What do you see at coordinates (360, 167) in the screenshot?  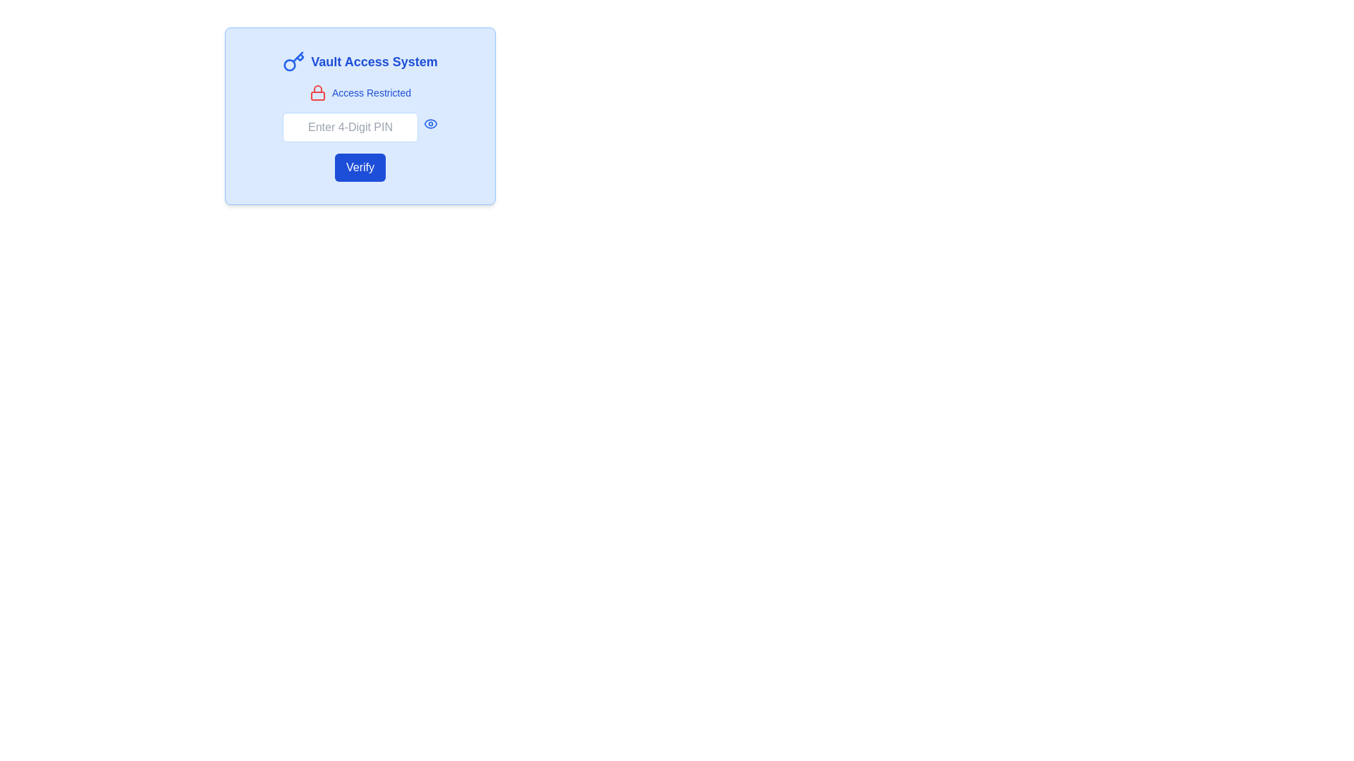 I see `the 'Verify' button, a dark blue rectangular button with rounded corners` at bounding box center [360, 167].